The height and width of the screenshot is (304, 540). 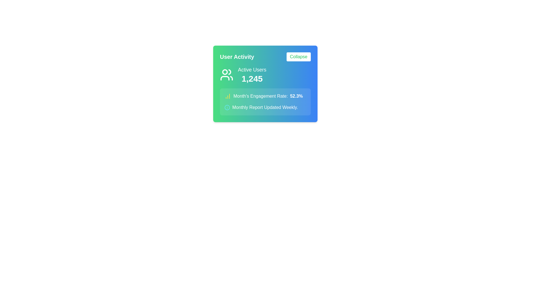 What do you see at coordinates (252, 75) in the screenshot?
I see `numeric value displayed prominently in bold font, which is '1,245', located underneath the label 'Active Users' on a gradient-colored background transitioning from green to blue` at bounding box center [252, 75].